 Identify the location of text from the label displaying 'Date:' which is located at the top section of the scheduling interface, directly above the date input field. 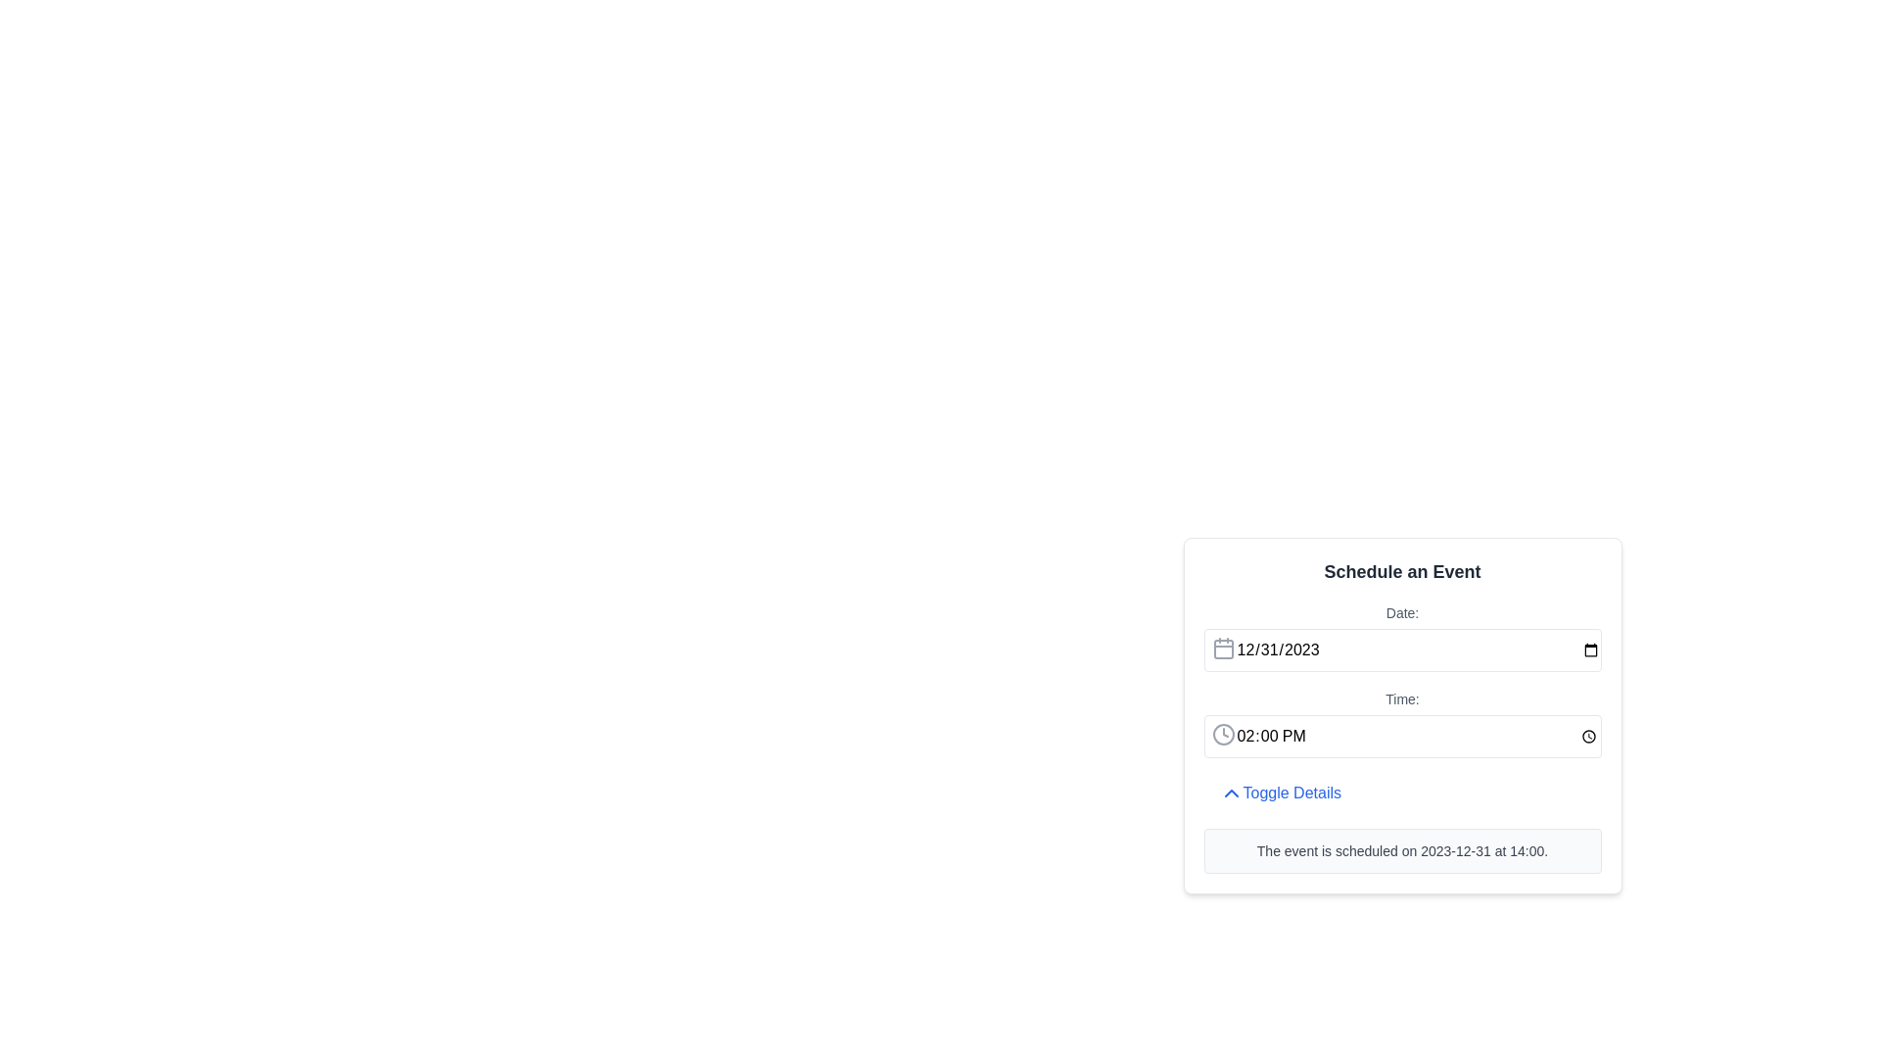
(1401, 611).